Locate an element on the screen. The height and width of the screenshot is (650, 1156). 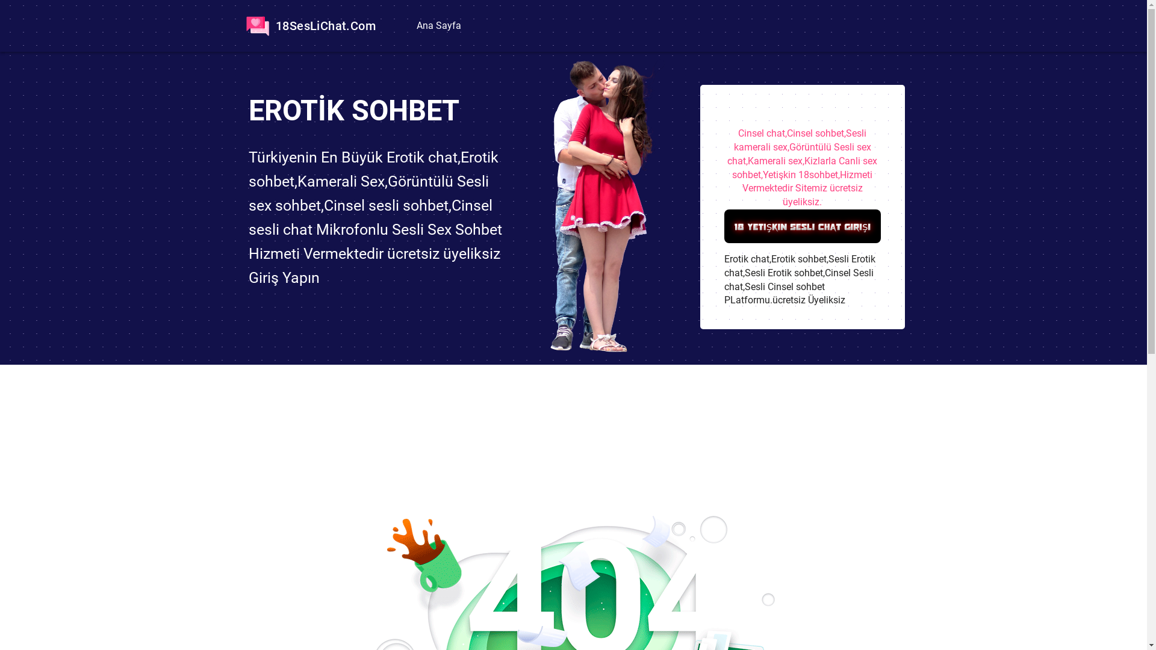
'Ana Sayfa is located at coordinates (437, 25).